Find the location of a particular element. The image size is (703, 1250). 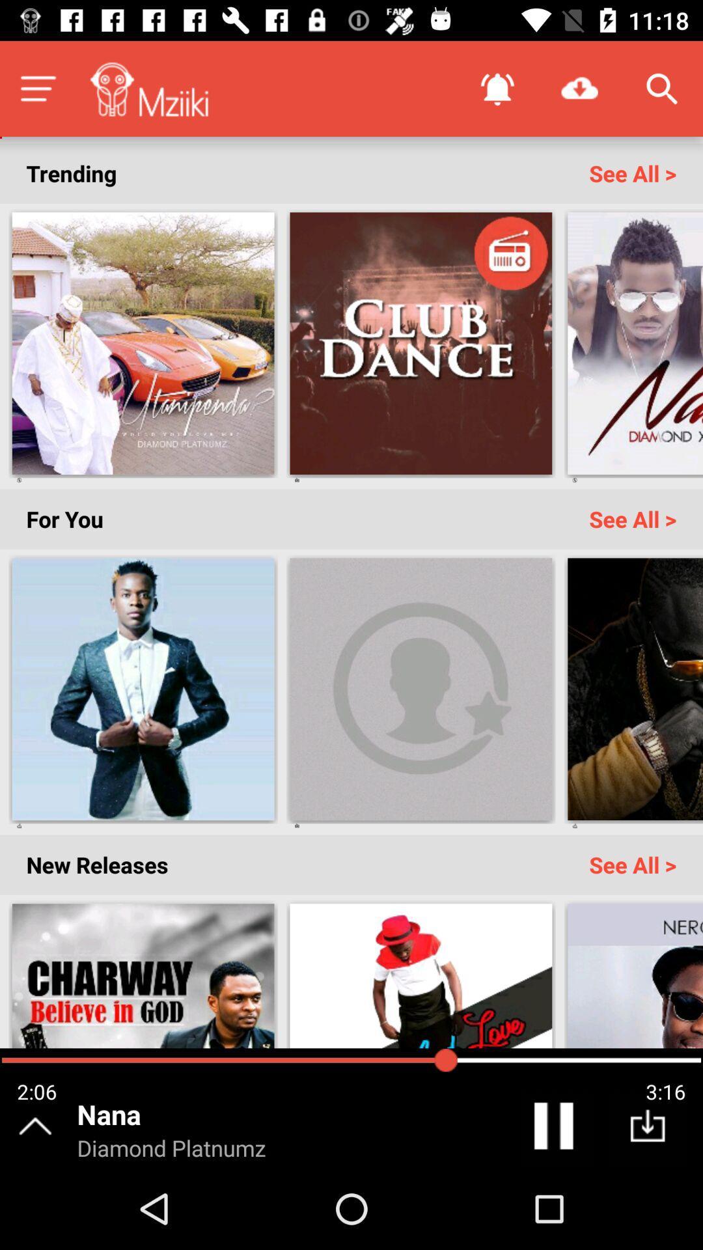

menu is located at coordinates (37, 88).